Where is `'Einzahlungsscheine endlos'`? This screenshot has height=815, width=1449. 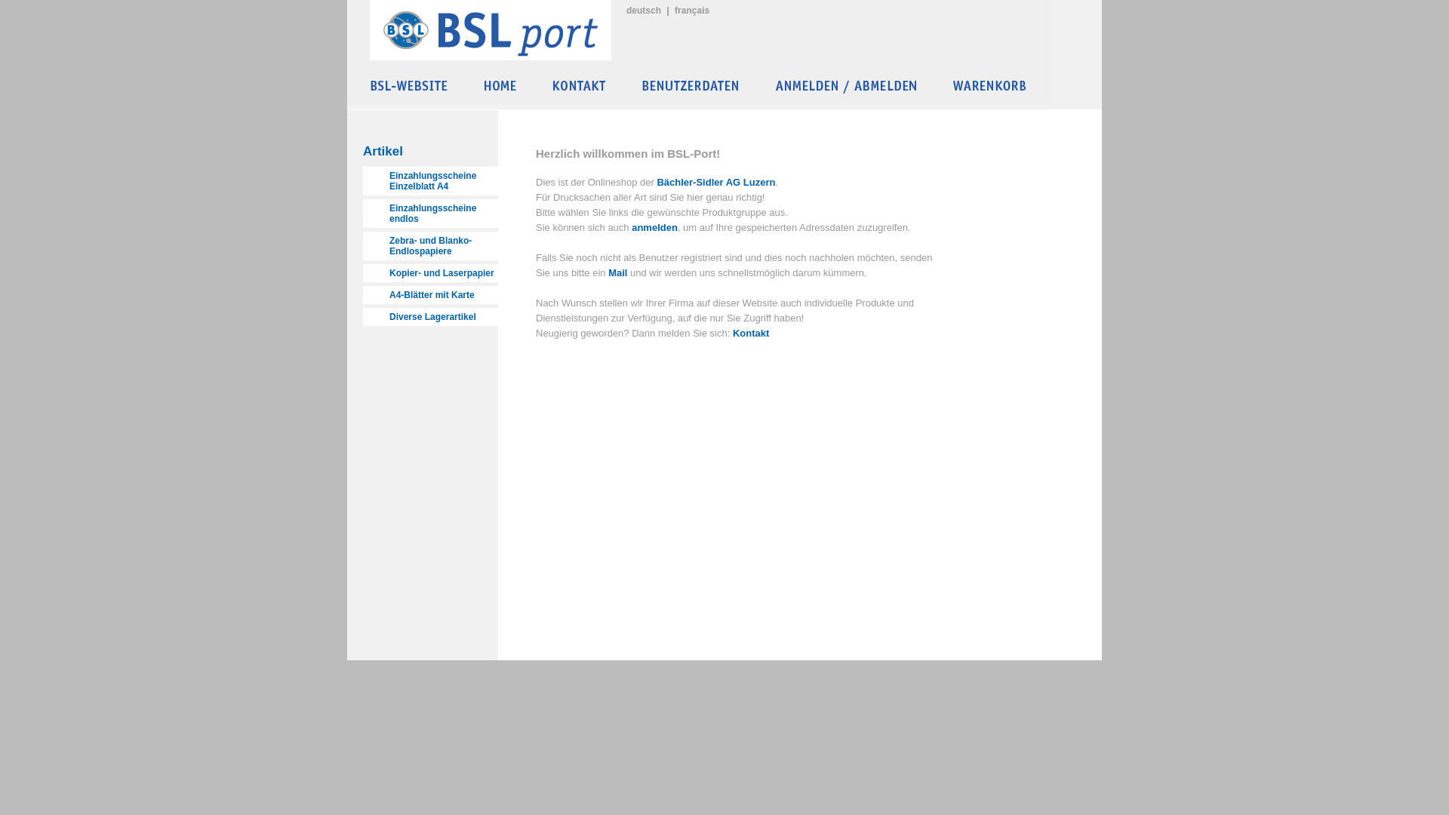 'Einzahlungsscheine endlos' is located at coordinates (362, 213).